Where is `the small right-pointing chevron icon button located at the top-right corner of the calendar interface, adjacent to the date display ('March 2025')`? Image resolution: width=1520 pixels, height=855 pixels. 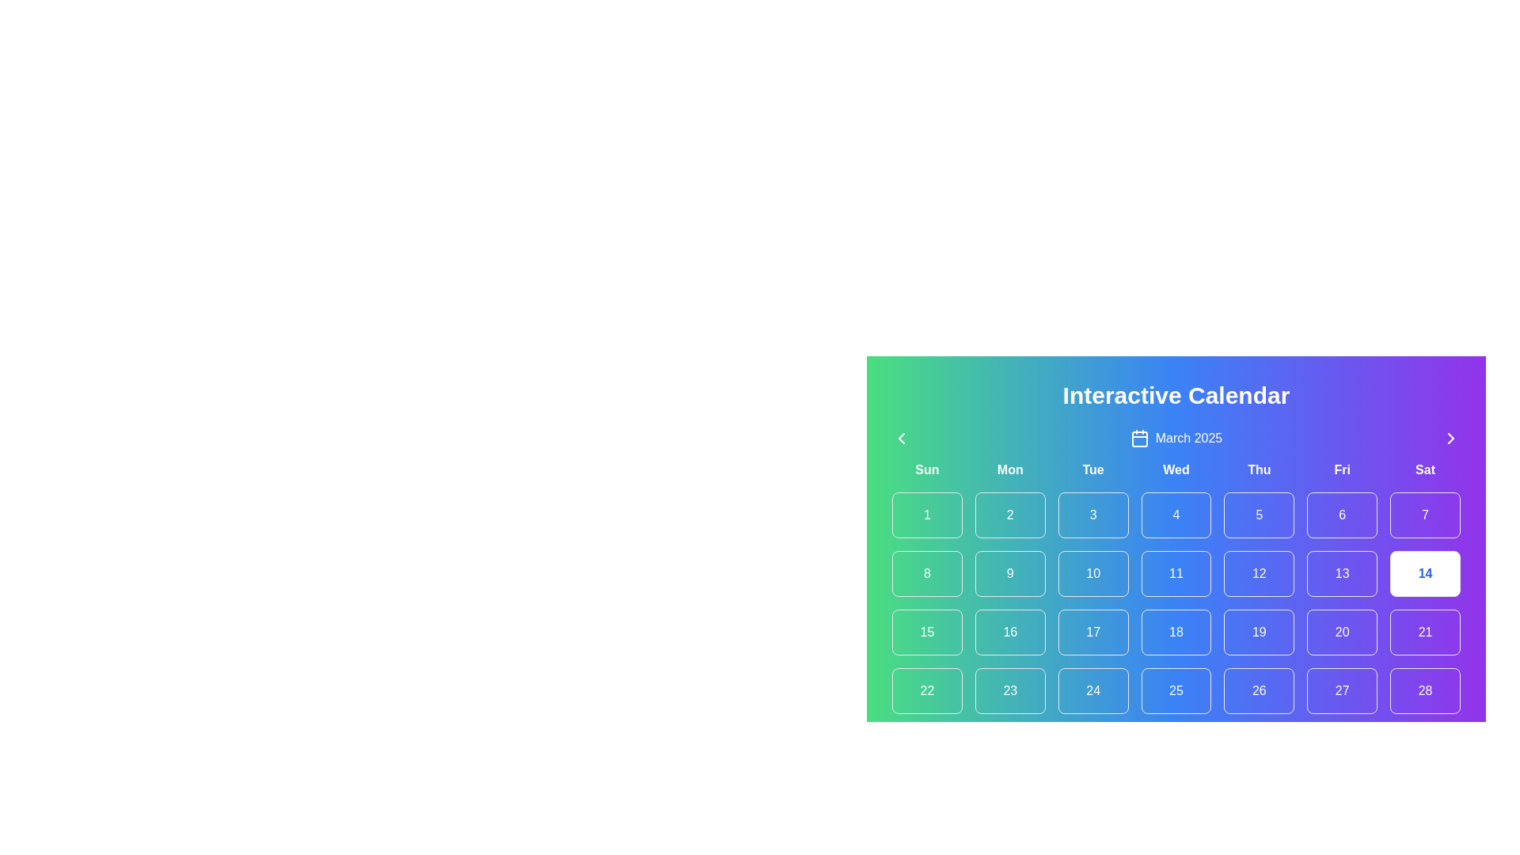
the small right-pointing chevron icon button located at the top-right corner of the calendar interface, adjacent to the date display ('March 2025') is located at coordinates (1451, 439).